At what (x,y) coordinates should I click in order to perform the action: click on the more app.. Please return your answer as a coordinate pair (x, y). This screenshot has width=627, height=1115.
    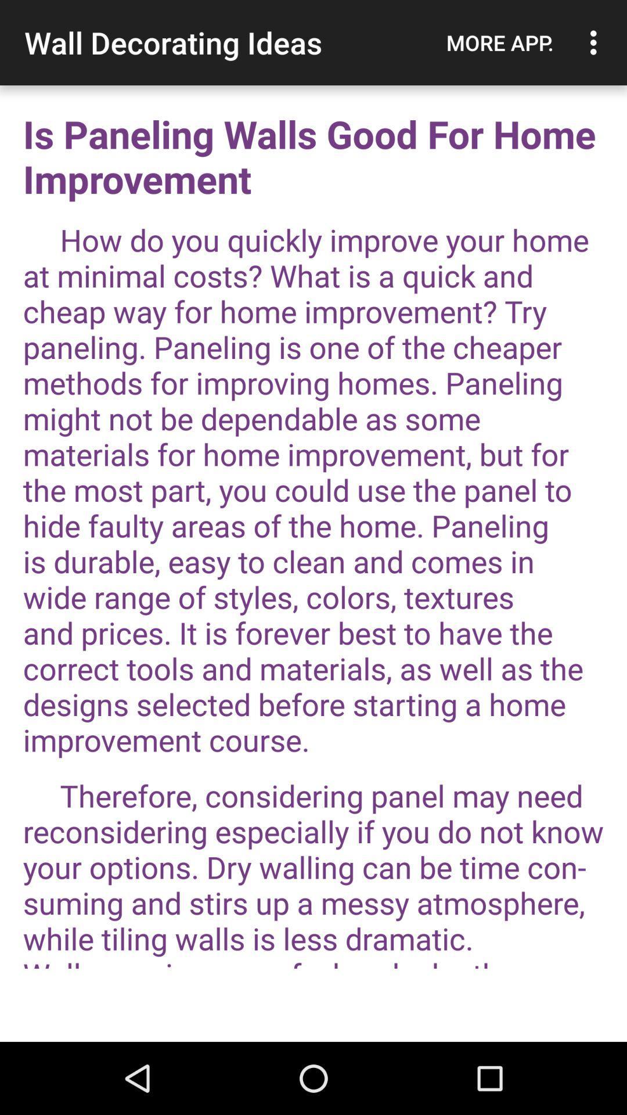
    Looking at the image, I should click on (499, 42).